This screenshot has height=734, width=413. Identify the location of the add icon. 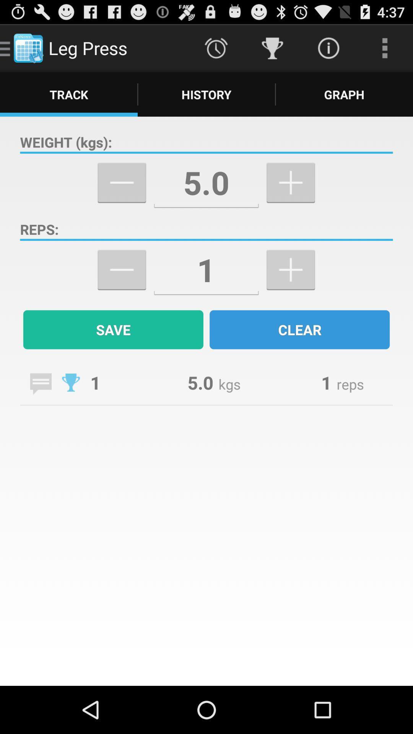
(291, 195).